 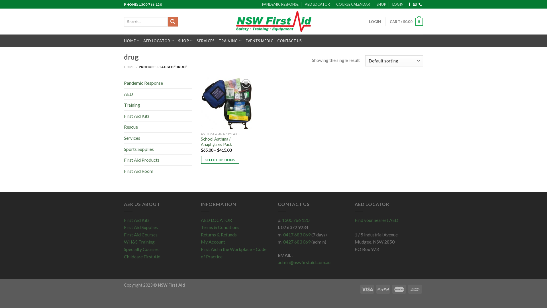 I want to click on 'First Aid Courses', so click(x=124, y=234).